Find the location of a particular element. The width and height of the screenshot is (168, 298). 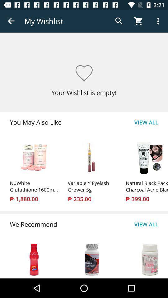

icon to the left of the my wishlist item is located at coordinates (11, 21).